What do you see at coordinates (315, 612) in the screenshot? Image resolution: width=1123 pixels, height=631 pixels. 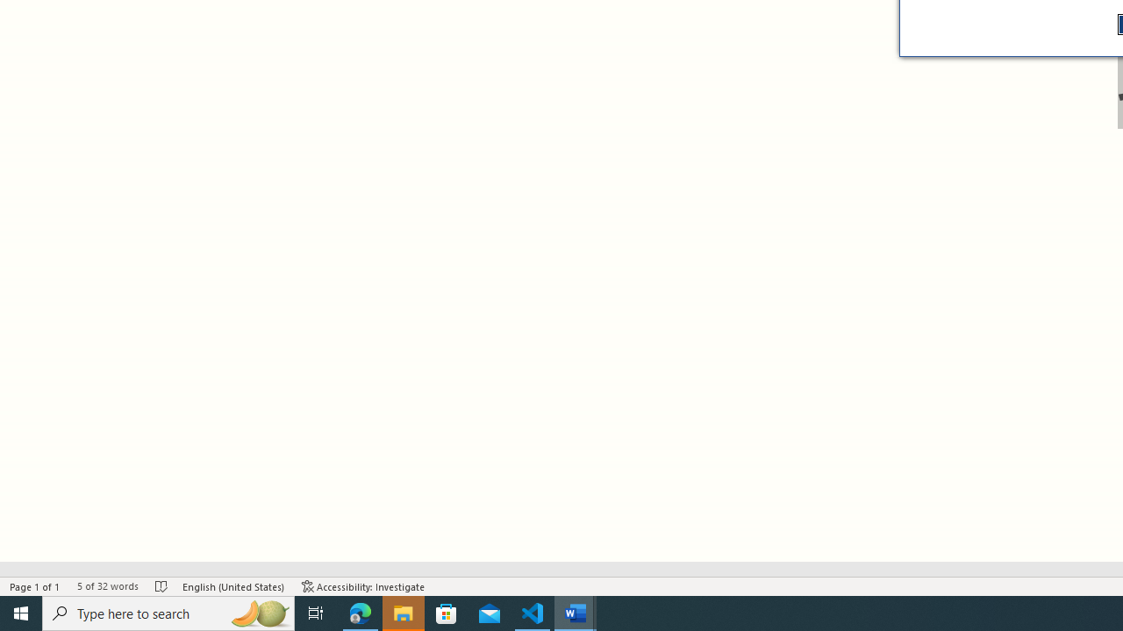 I see `'Task View'` at bounding box center [315, 612].